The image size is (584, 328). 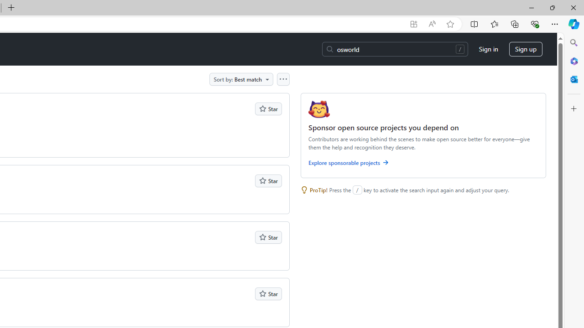 I want to click on 'Sign in', so click(x=488, y=49).